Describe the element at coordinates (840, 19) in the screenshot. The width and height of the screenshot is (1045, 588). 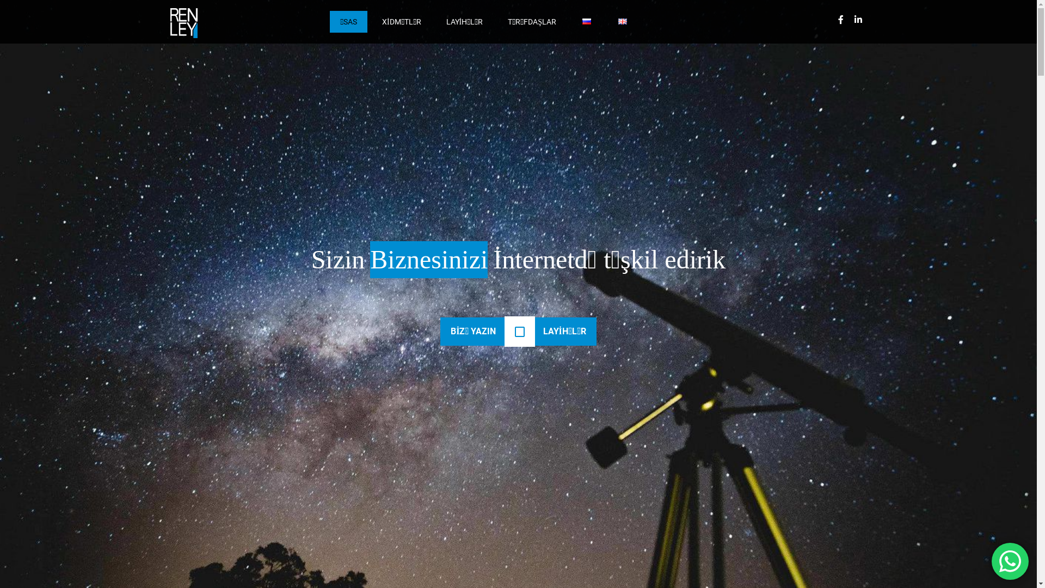
I see `'Facebook'` at that location.